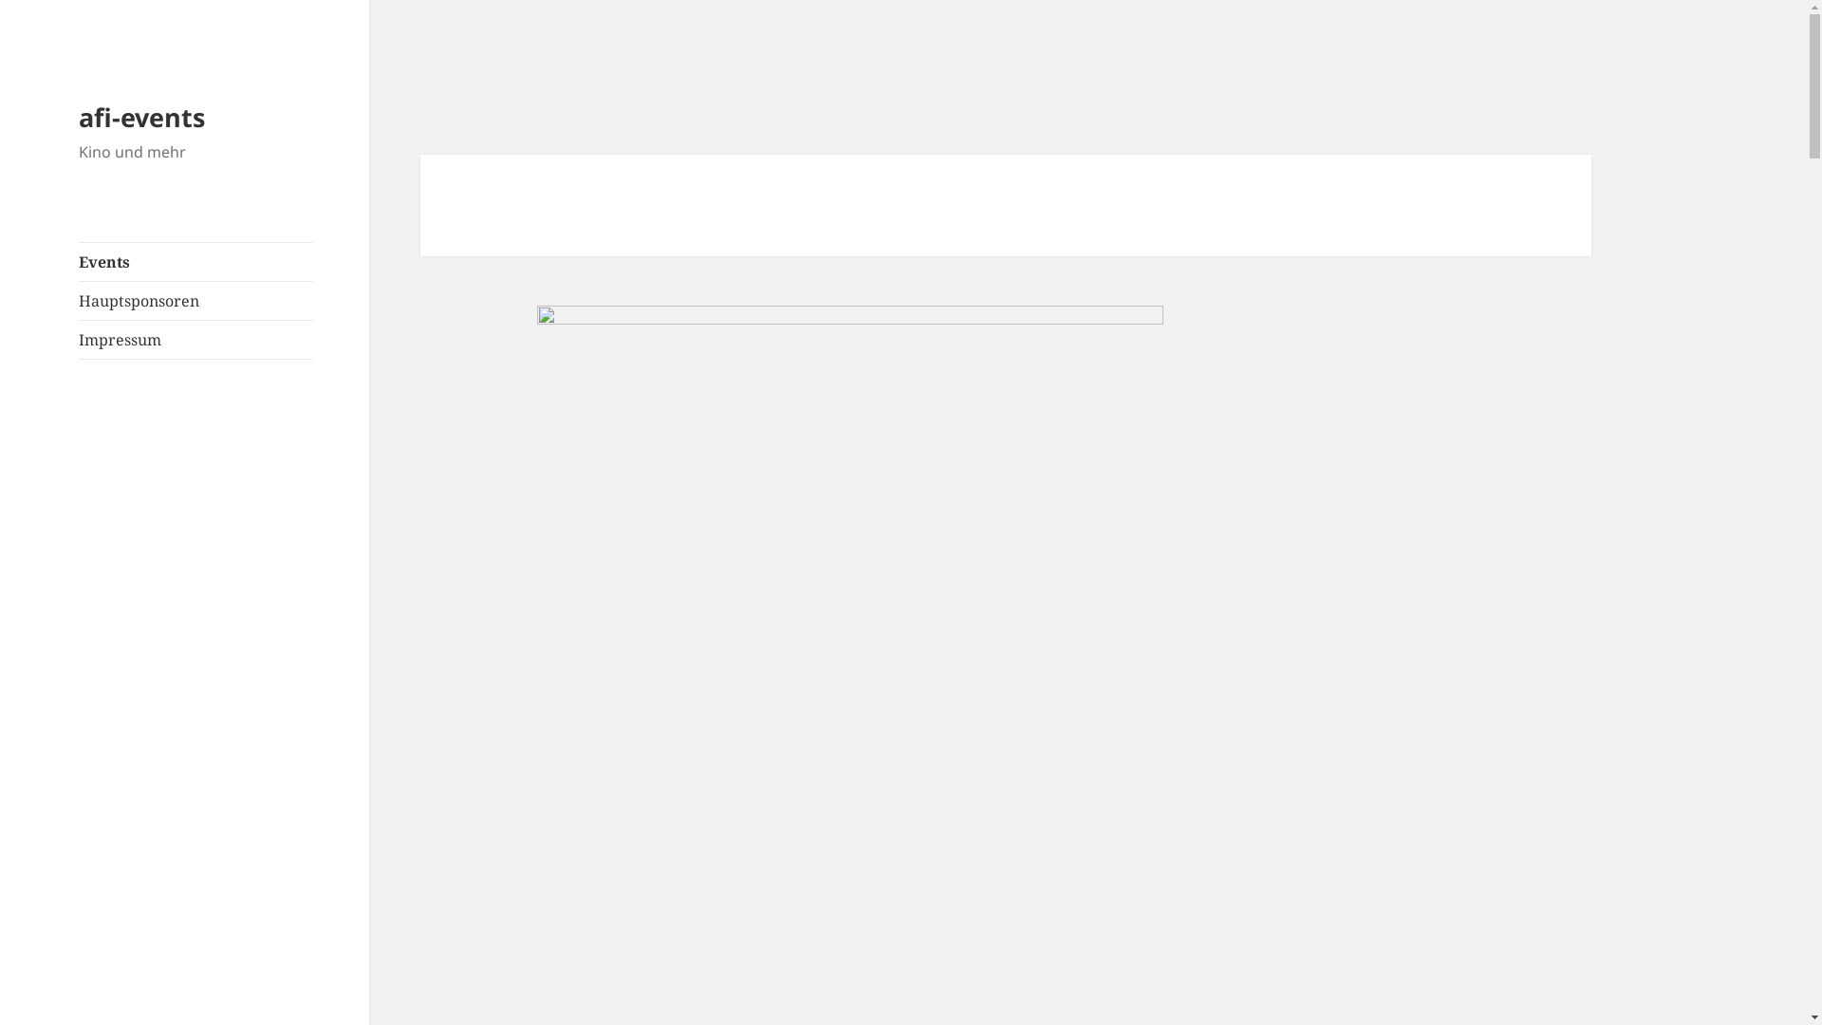 The image size is (1822, 1025). What do you see at coordinates (195, 339) in the screenshot?
I see `'Impressum'` at bounding box center [195, 339].